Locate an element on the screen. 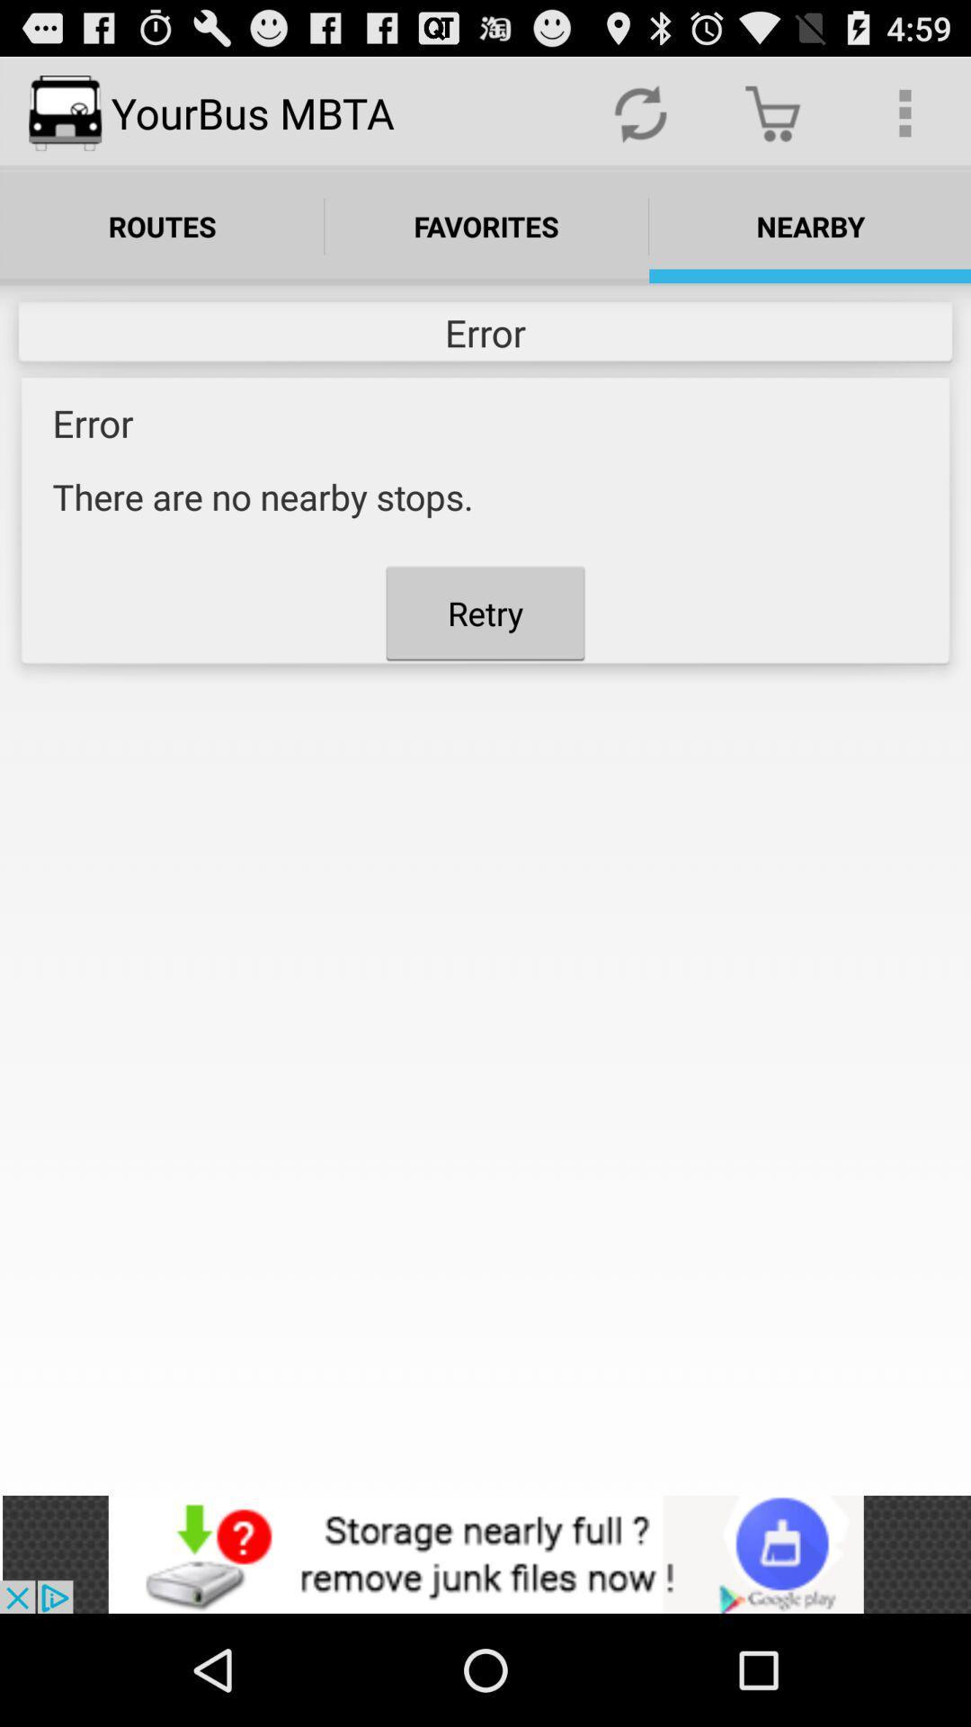 The image size is (971, 1727). the trolly icon is located at coordinates (771, 112).